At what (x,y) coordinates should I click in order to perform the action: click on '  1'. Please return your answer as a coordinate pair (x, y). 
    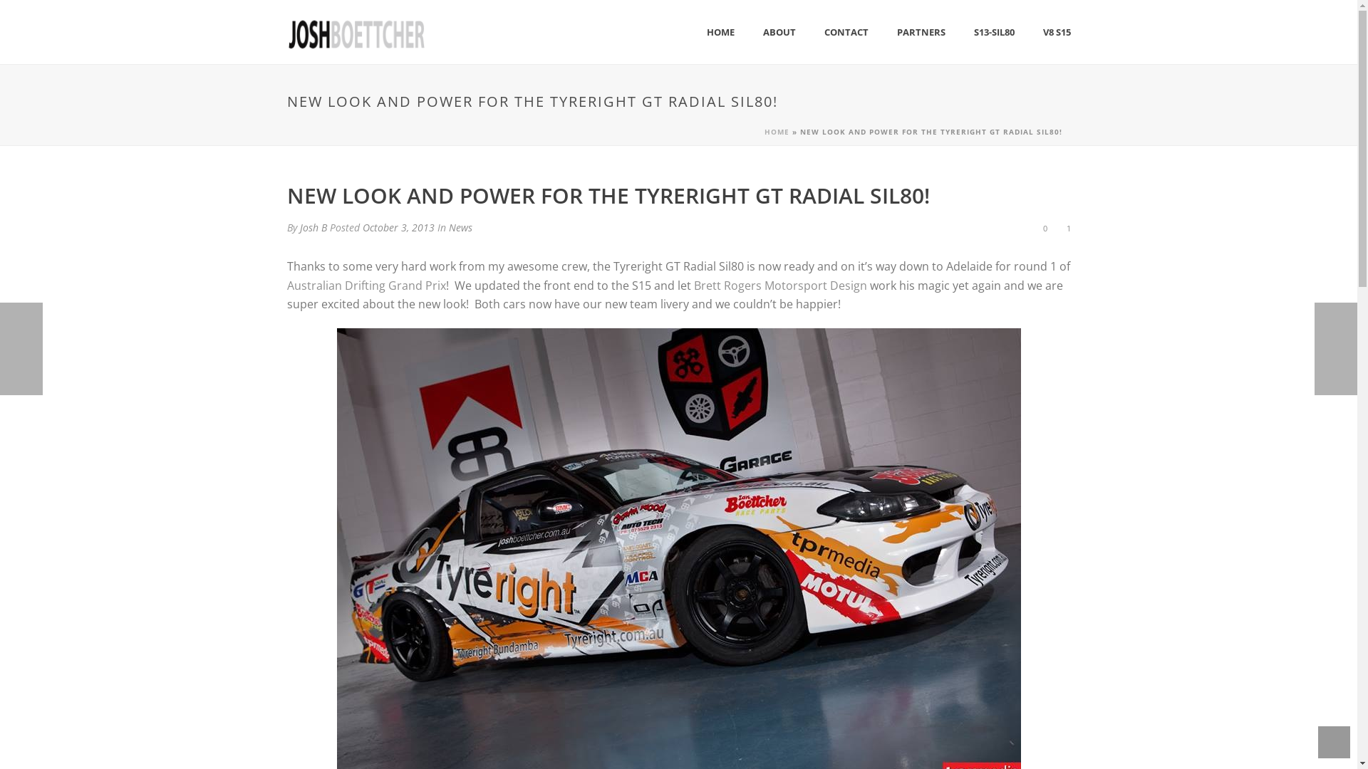
    Looking at the image, I should click on (1066, 226).